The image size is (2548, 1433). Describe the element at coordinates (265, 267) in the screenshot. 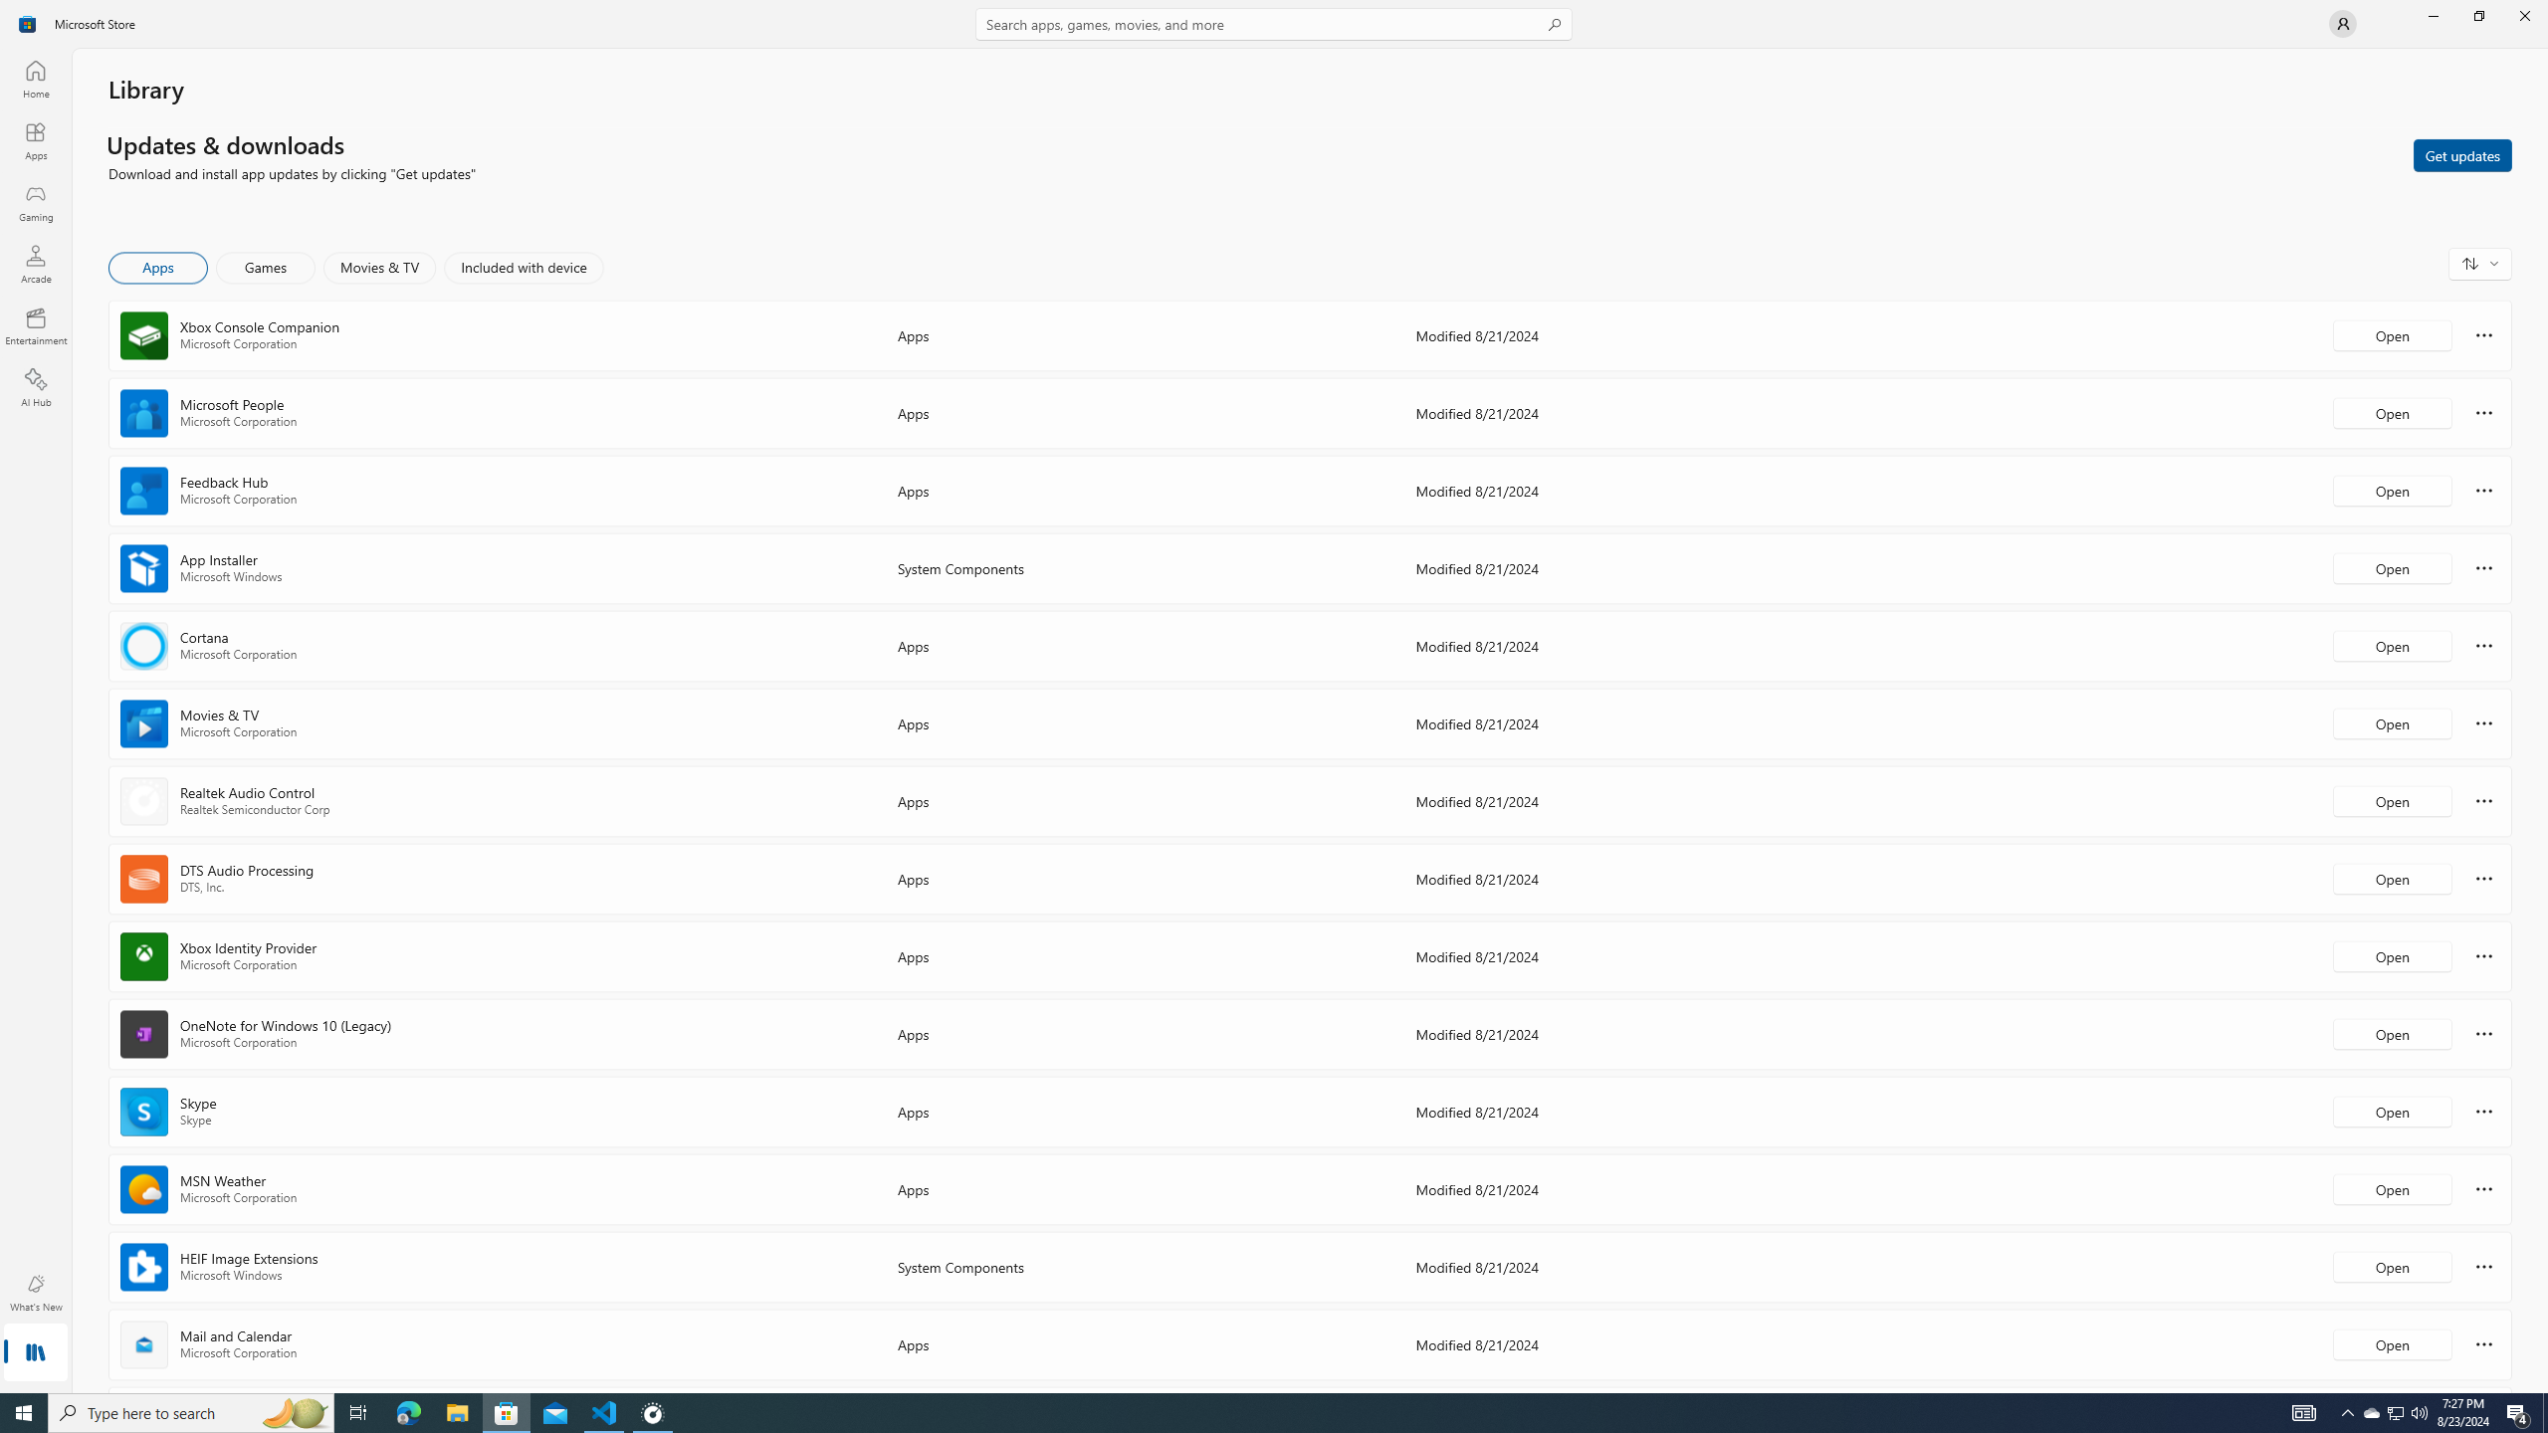

I see `'Games'` at that location.